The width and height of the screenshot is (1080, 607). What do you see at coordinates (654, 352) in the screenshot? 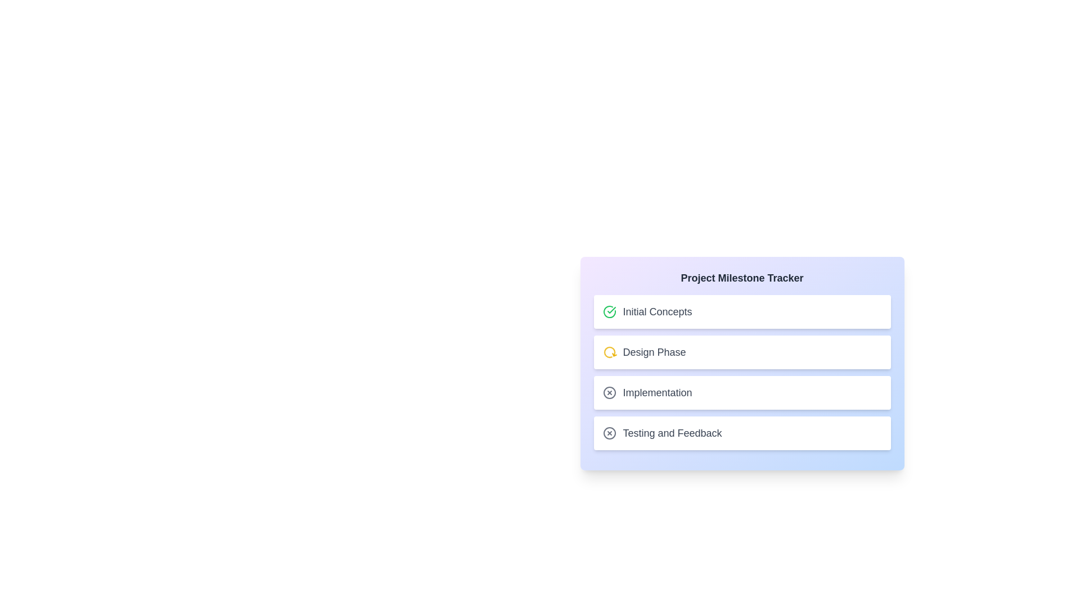
I see `the 'Design Phase' text label in the Project Milestone Tracker, which indicates the current state of the design phase in the project` at bounding box center [654, 352].